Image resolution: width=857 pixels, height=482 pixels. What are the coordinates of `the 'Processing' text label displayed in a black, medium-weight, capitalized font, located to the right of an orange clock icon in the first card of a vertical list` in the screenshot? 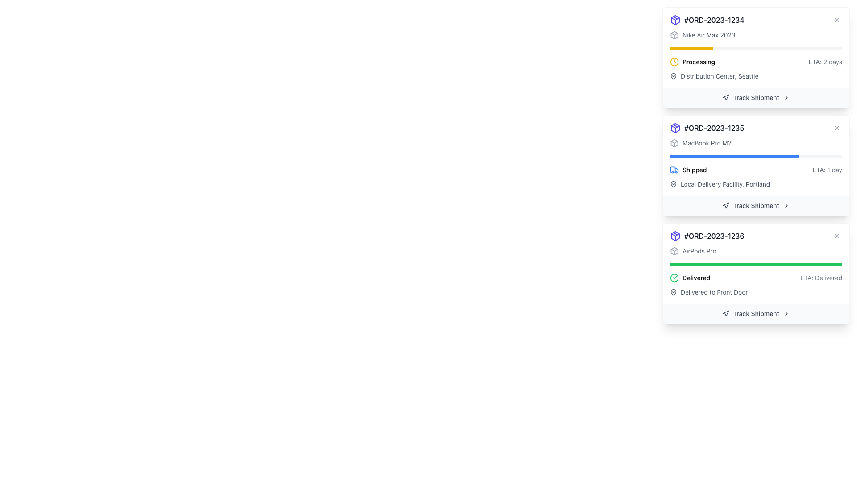 It's located at (698, 61).